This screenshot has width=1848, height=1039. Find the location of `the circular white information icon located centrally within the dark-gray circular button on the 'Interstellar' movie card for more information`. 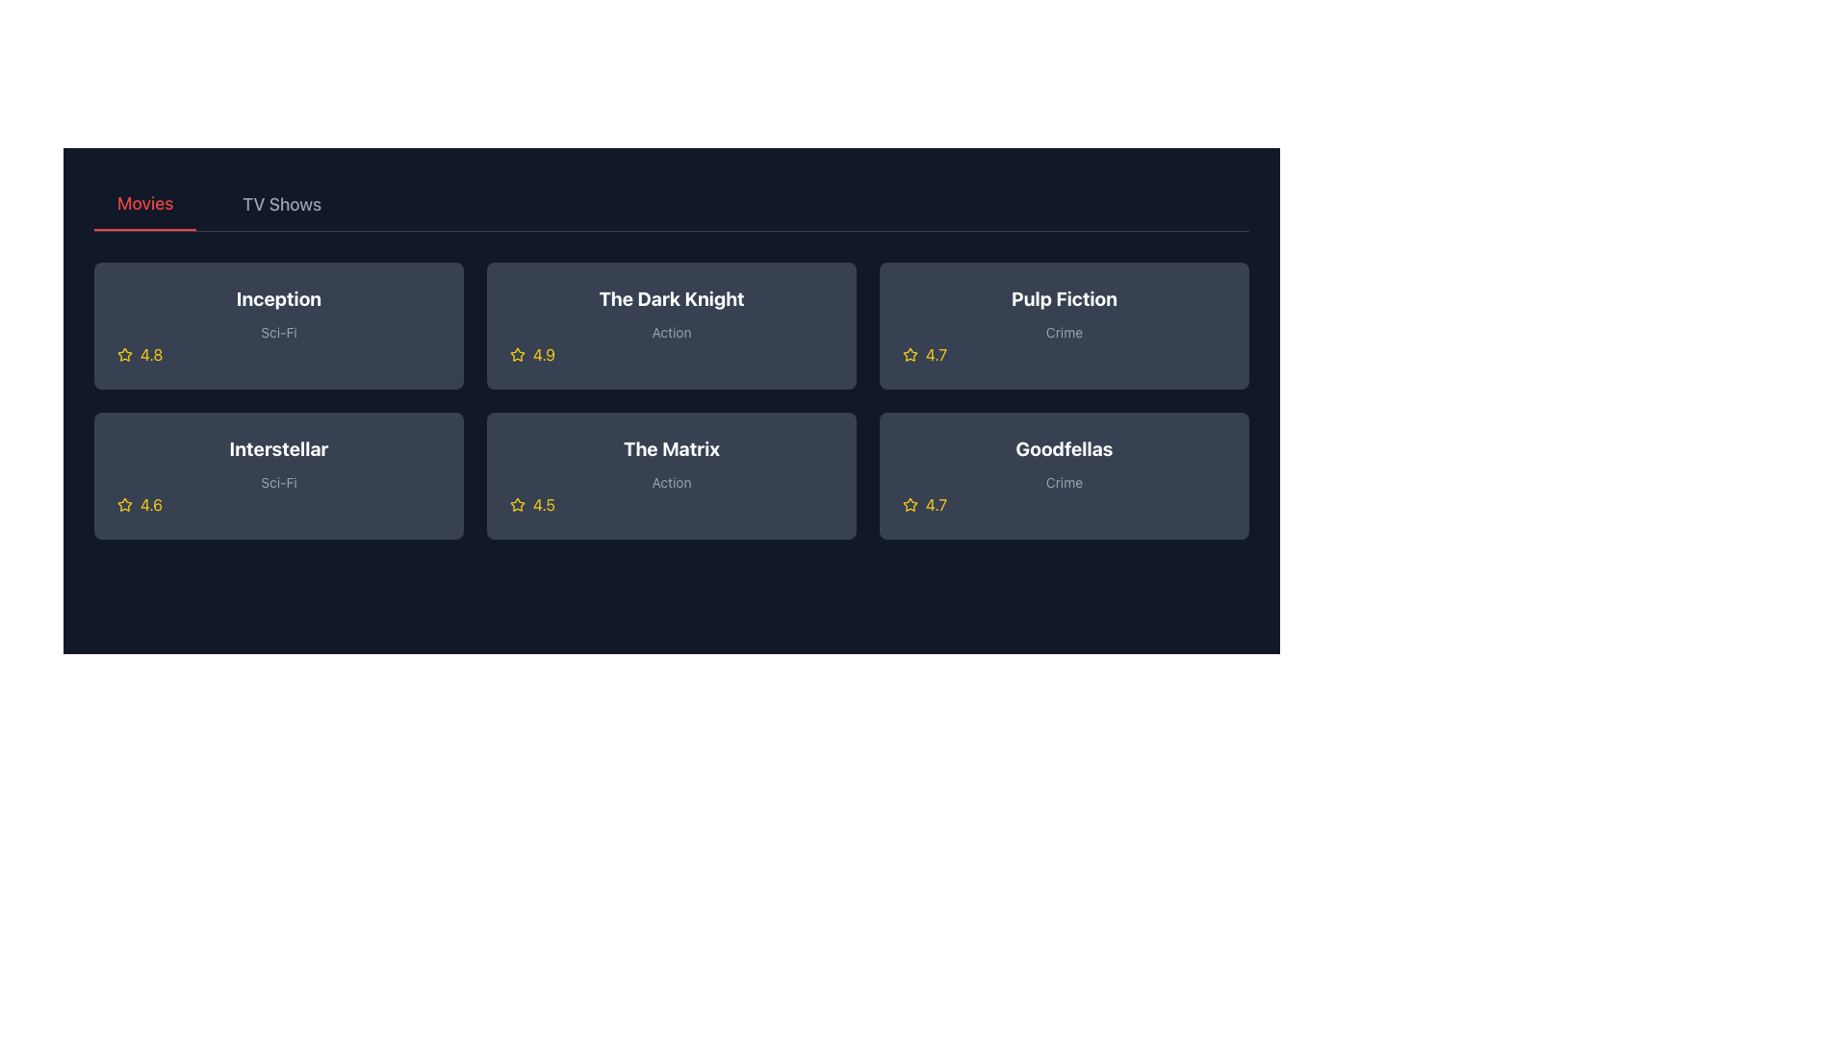

the circular white information icon located centrally within the dark-gray circular button on the 'Interstellar' movie card for more information is located at coordinates (277, 475).